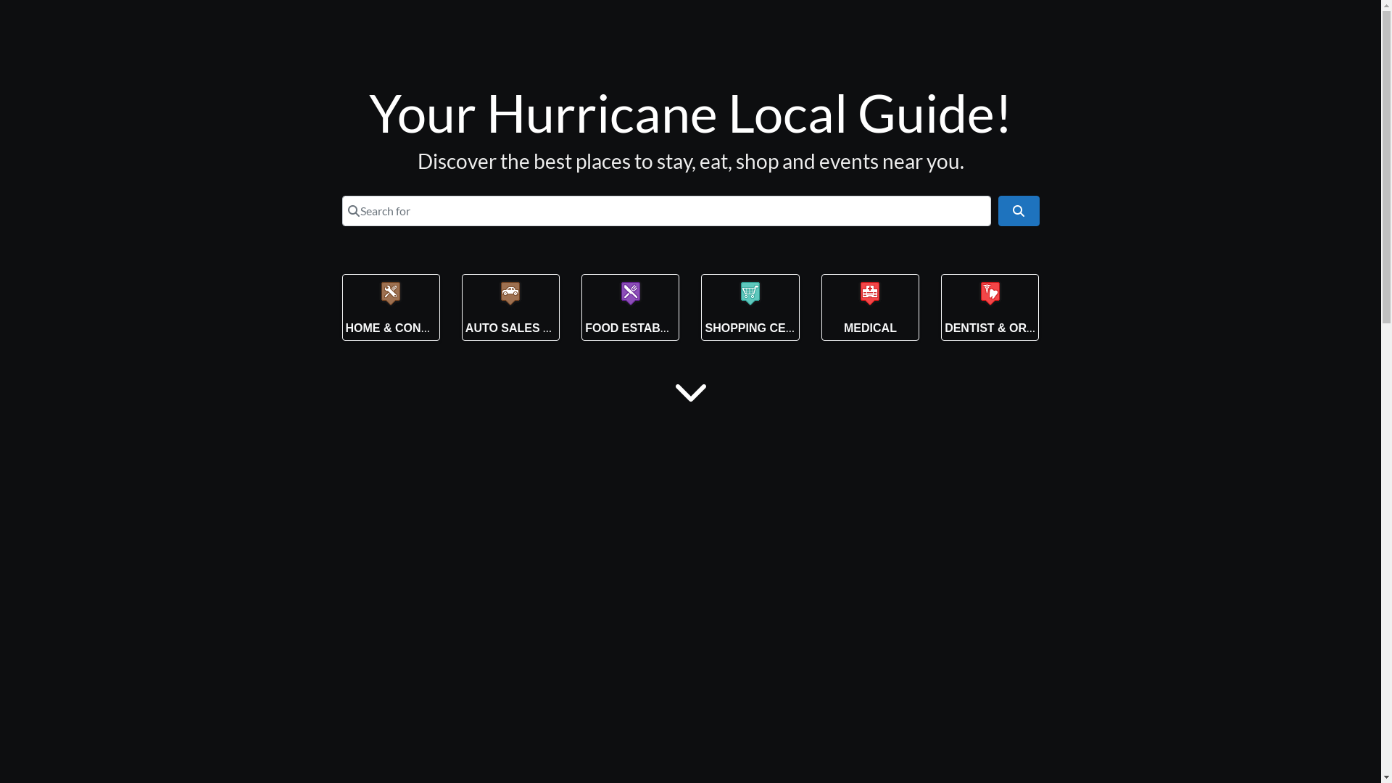 The image size is (1392, 783). Describe the element at coordinates (944, 328) in the screenshot. I see `'DENTIST & ORTHODONTIST'` at that location.